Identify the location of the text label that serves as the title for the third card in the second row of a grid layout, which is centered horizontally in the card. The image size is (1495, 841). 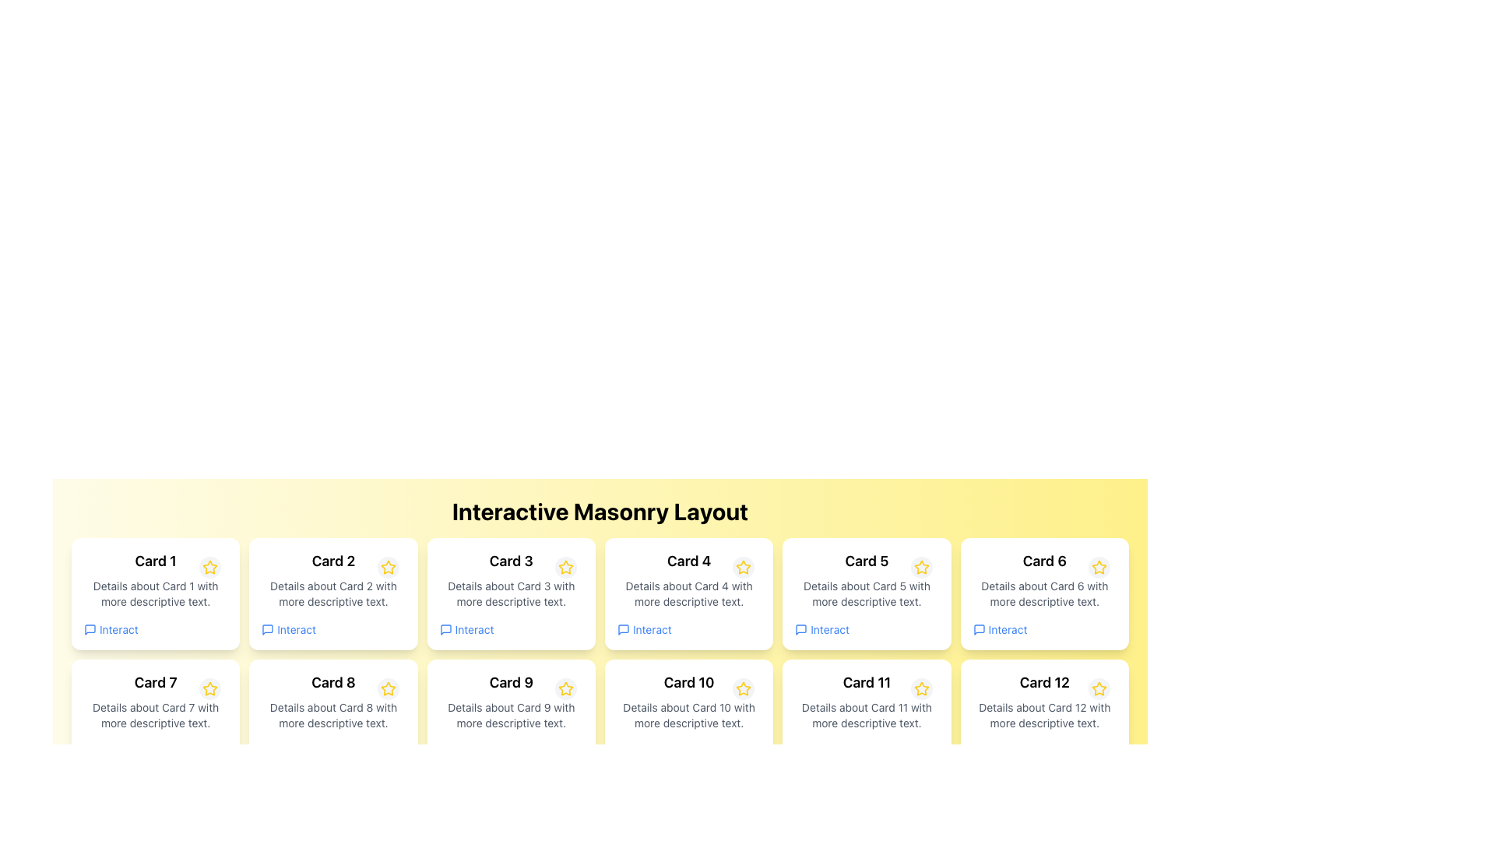
(866, 561).